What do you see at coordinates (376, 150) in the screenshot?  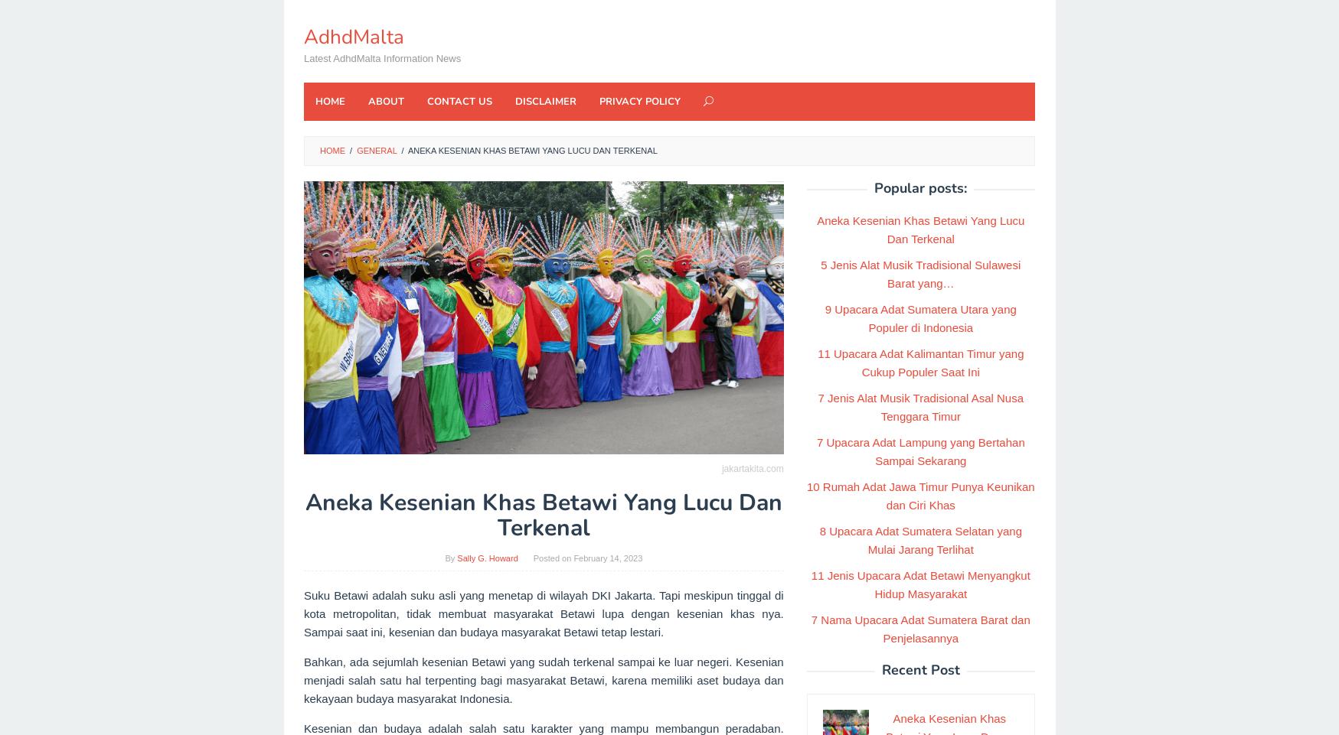 I see `'General'` at bounding box center [376, 150].